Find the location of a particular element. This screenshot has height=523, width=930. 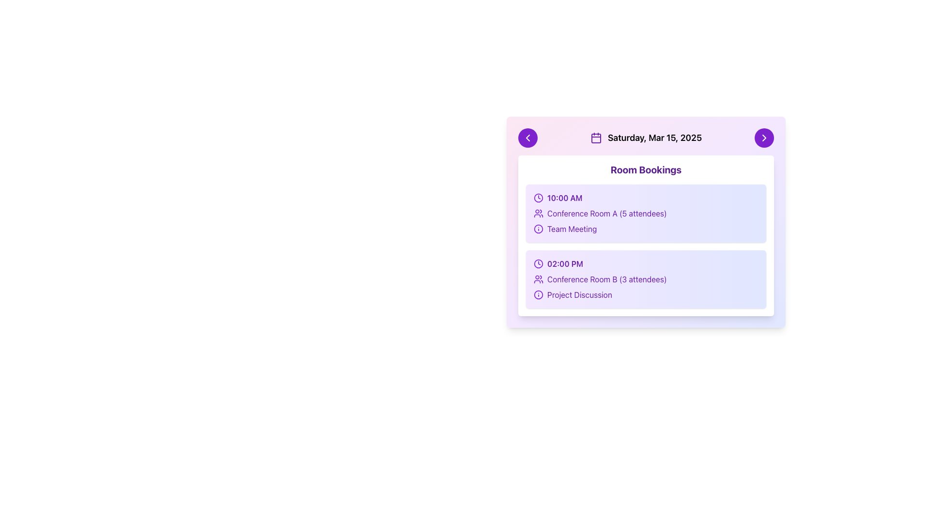

the circular SVG graphic element with a purple stroke inside the clock icon, which is positioned to the left of the '10:00 AM' text in the 'Room Bookings' list is located at coordinates (538, 197).